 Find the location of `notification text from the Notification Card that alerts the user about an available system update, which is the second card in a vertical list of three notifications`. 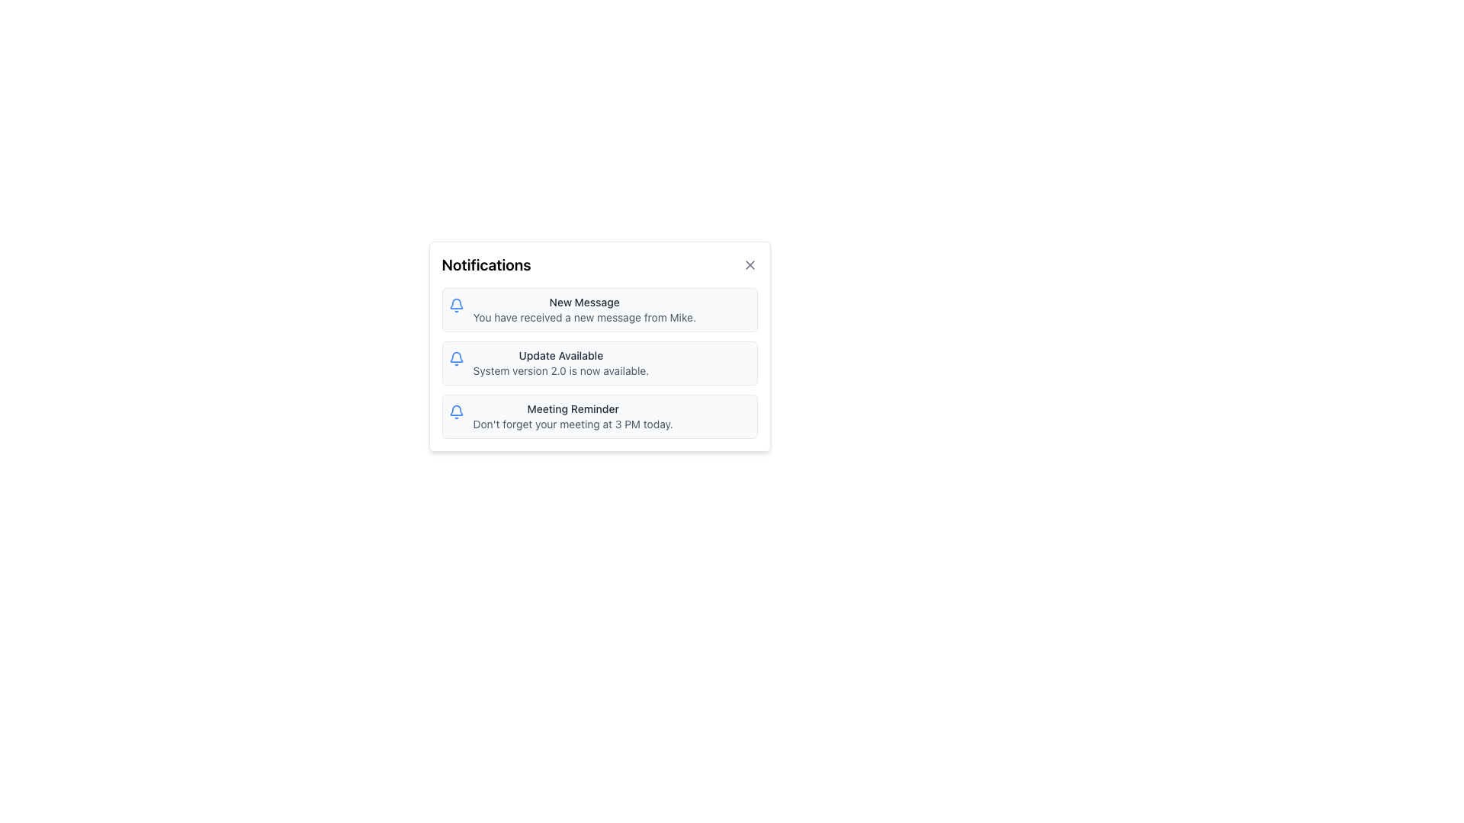

notification text from the Notification Card that alerts the user about an available system update, which is the second card in a vertical list of three notifications is located at coordinates (599, 363).